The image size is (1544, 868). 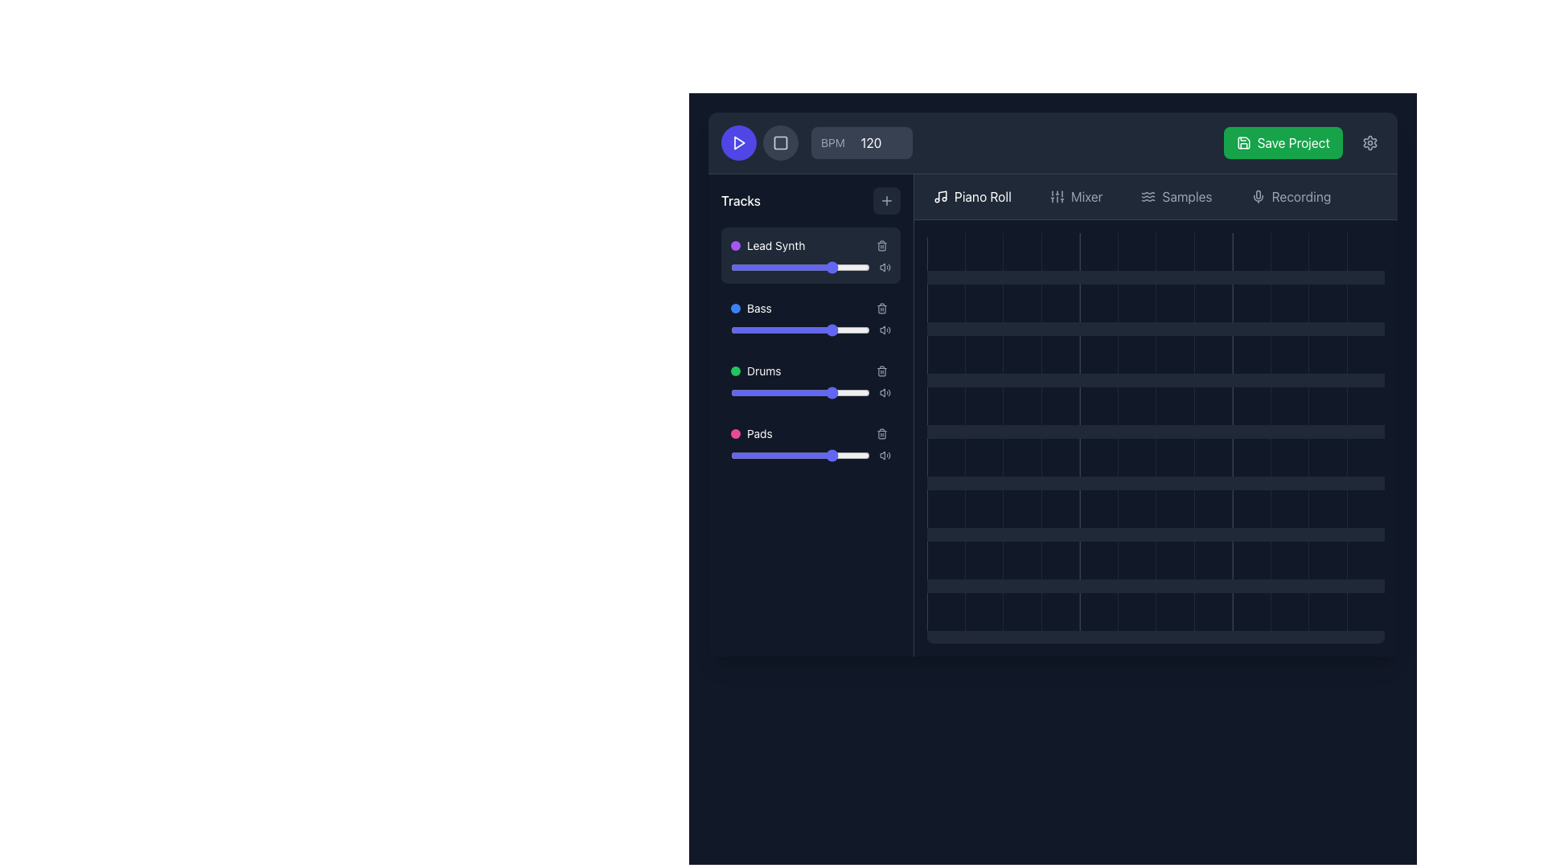 I want to click on the settings icon located at the top-right corner of the interface, so click(x=1369, y=141).